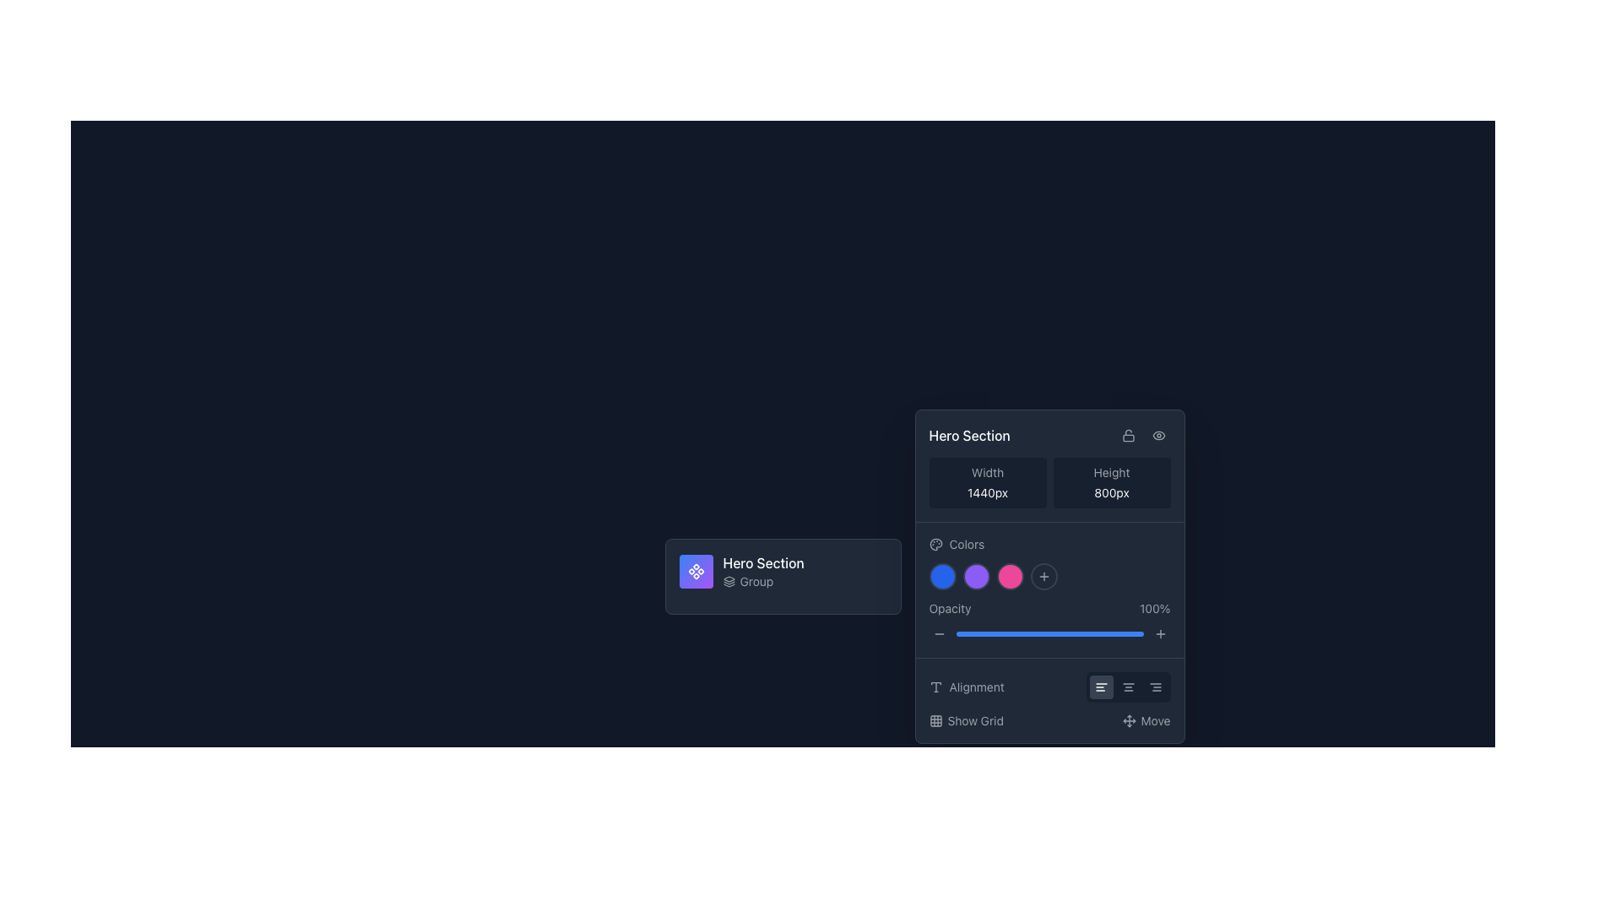  Describe the element at coordinates (975, 720) in the screenshot. I see `the Label indicating grid visibility in the settings panel, positioned below the configuration controls and to the right of the grid icon` at that location.